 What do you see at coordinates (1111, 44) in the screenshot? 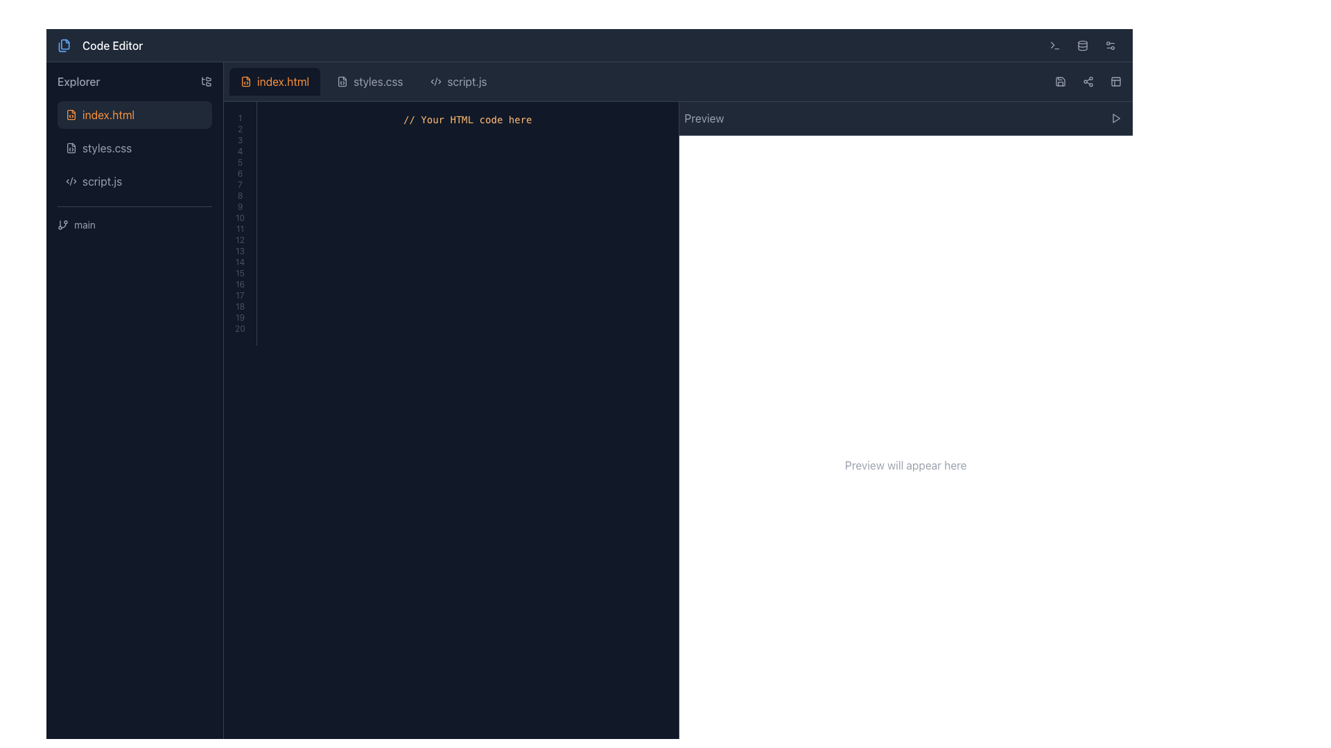
I see `the settings menu button, which is a small icon resembling two interconnecting lines with a bordered circular background, located in the top-right corner of the interface` at bounding box center [1111, 44].